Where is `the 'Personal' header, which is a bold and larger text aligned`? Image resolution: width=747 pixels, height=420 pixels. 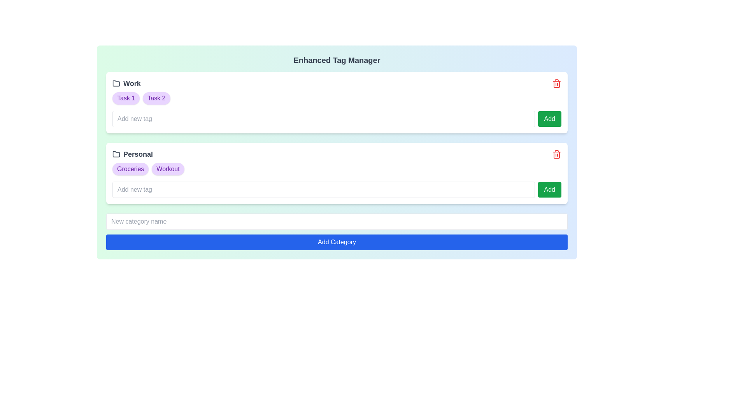 the 'Personal' header, which is a bold and larger text aligned is located at coordinates (337, 154).